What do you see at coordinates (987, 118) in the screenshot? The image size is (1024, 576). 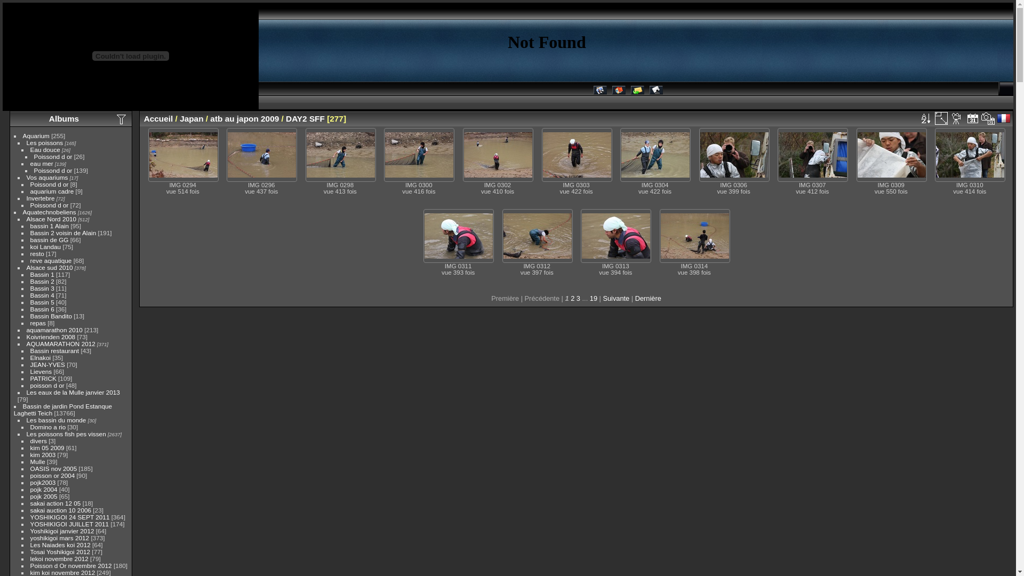 I see `' '` at bounding box center [987, 118].